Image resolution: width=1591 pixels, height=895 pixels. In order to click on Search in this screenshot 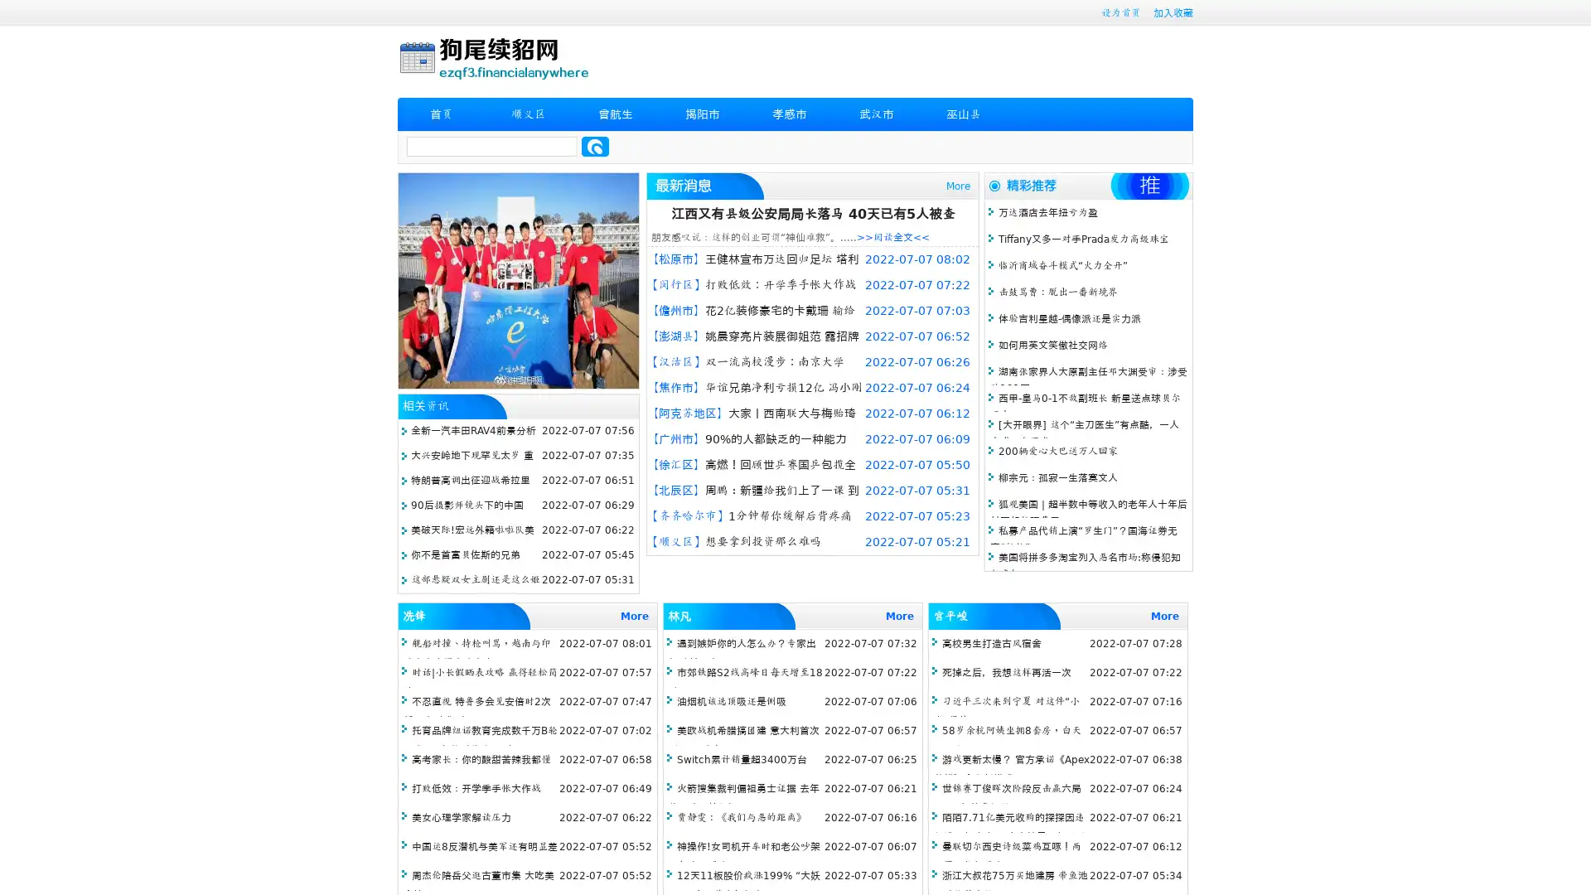, I will do `click(595, 146)`.